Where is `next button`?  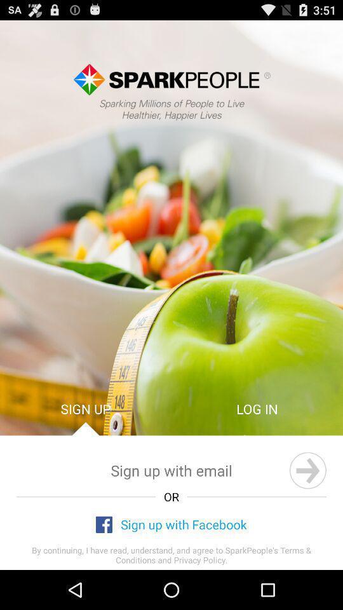 next button is located at coordinates (307, 470).